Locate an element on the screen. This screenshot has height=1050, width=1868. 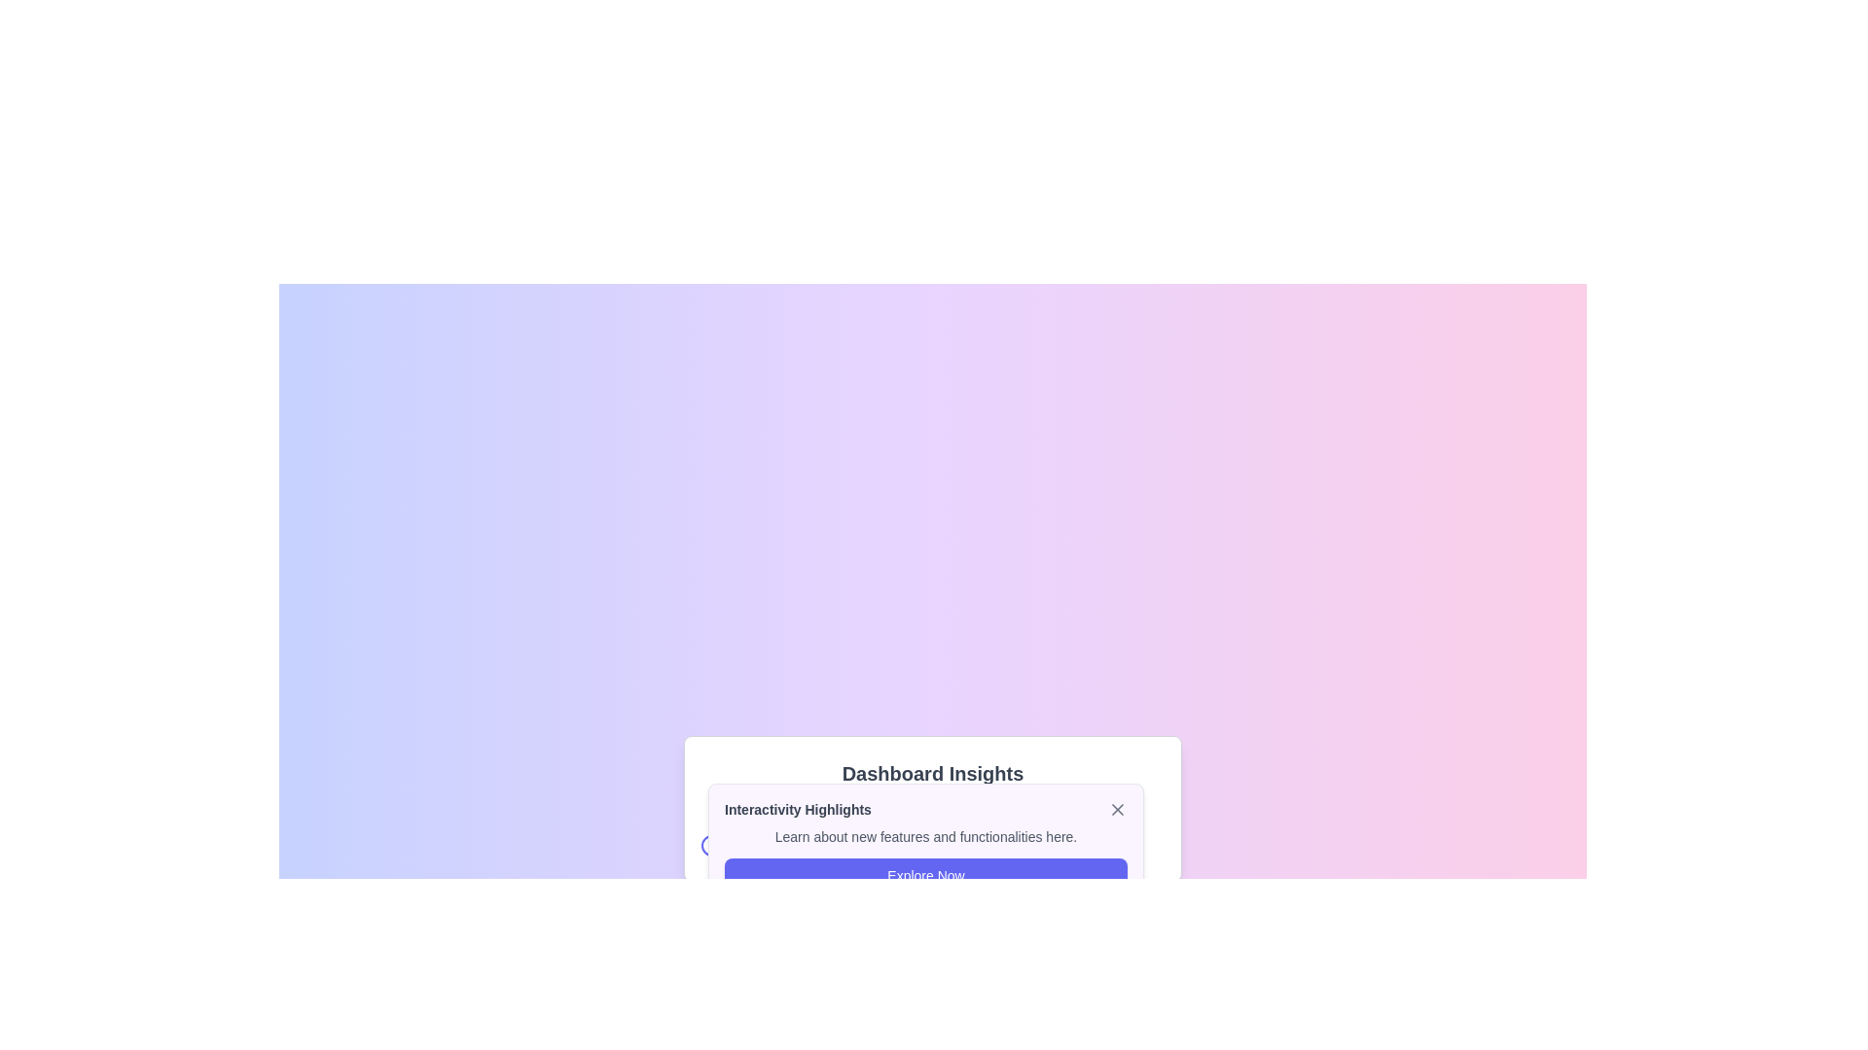
the descriptive Text label positioned below the title 'Interactivity Highlights', which is located to the right of a small blue circular icon is located at coordinates (776, 845).